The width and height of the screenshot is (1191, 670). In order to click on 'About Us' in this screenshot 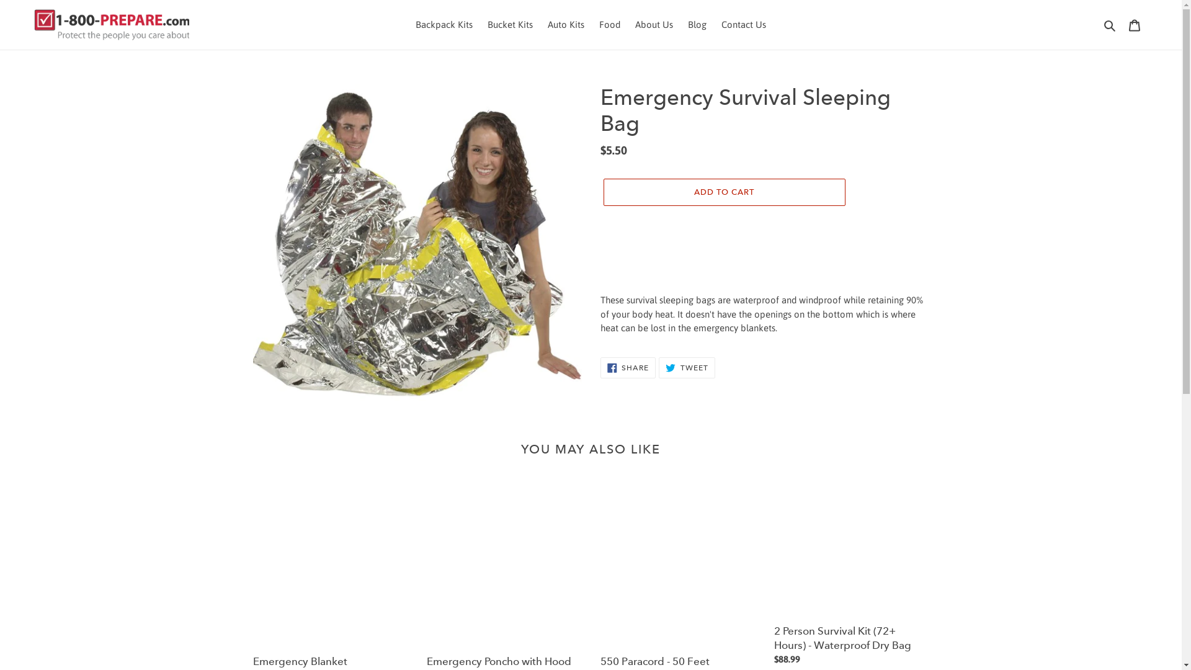, I will do `click(653, 25)`.